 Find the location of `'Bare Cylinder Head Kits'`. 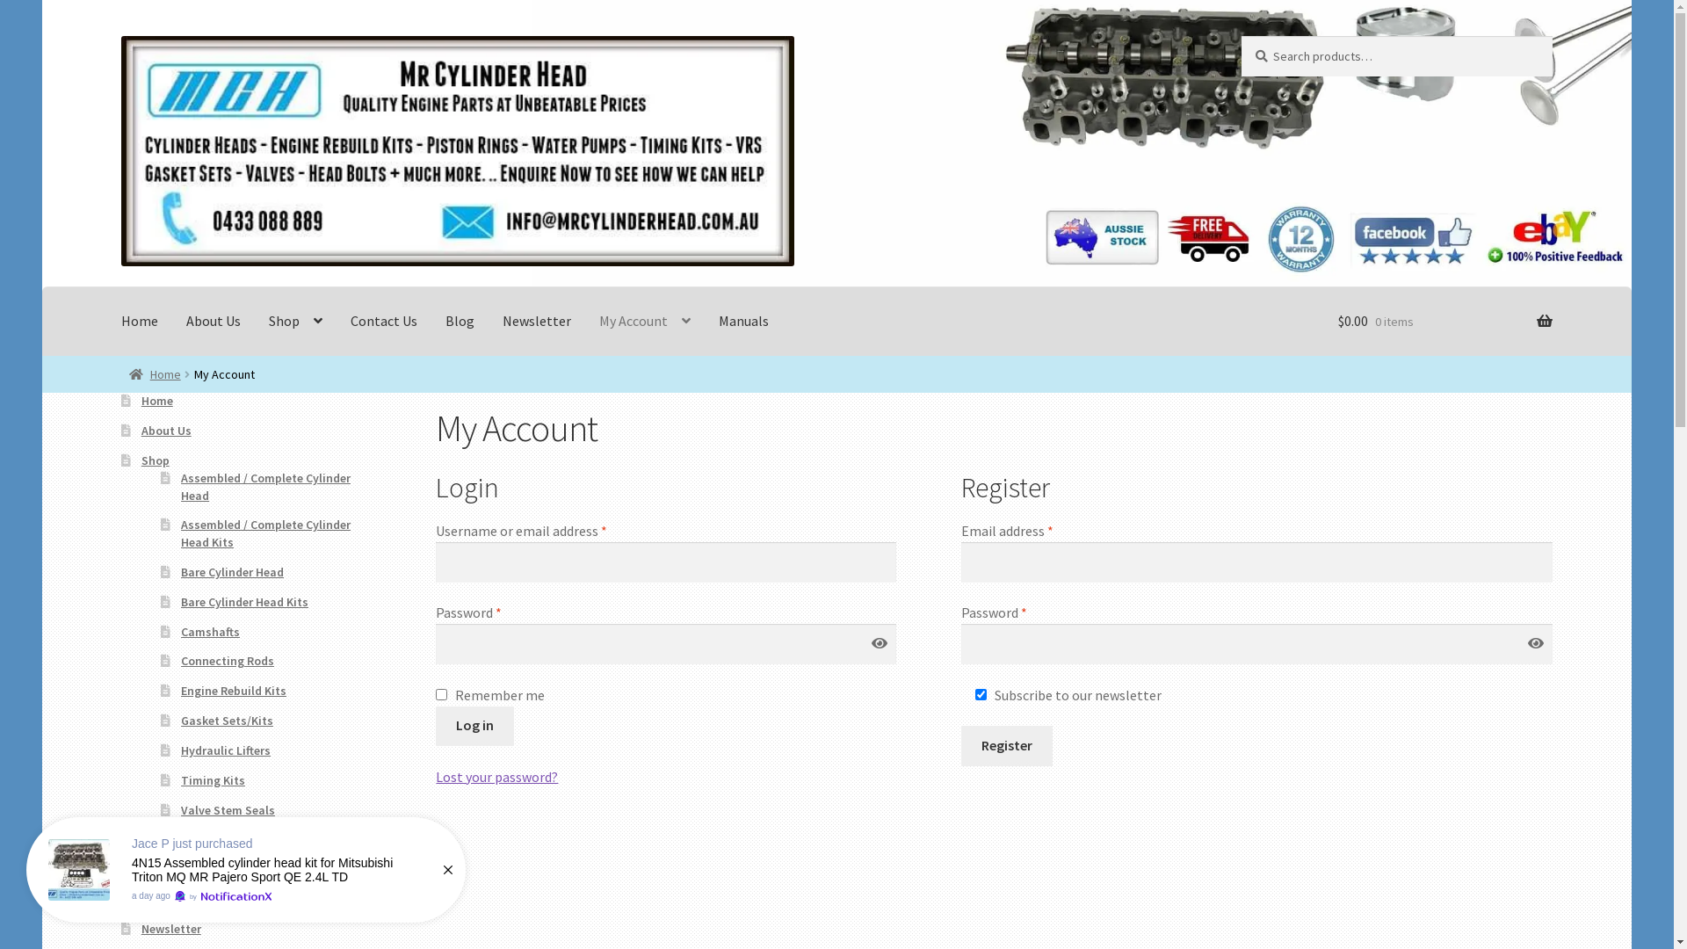

'Bare Cylinder Head Kits' is located at coordinates (243, 601).